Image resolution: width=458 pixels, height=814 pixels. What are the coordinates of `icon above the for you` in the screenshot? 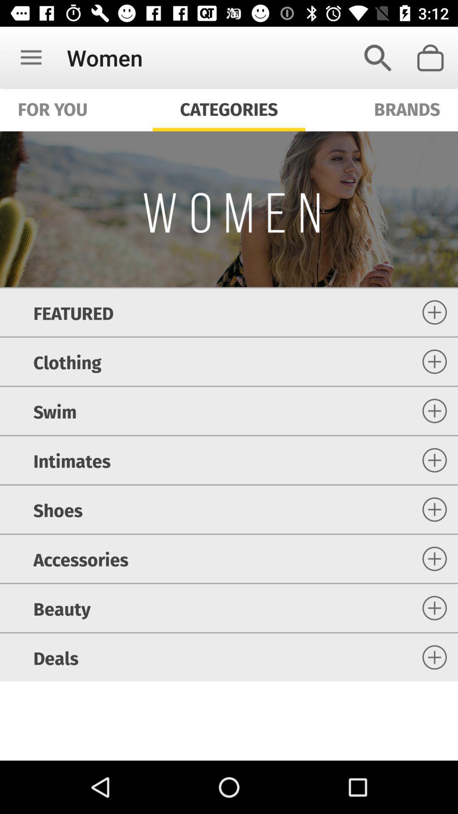 It's located at (31, 57).